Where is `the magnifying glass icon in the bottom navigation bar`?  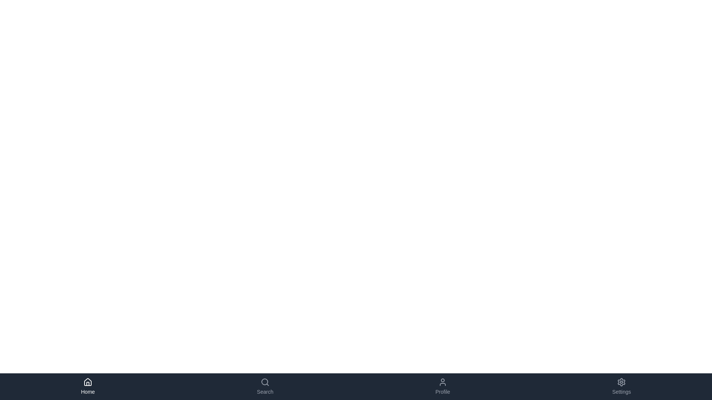 the magnifying glass icon in the bottom navigation bar is located at coordinates (265, 382).